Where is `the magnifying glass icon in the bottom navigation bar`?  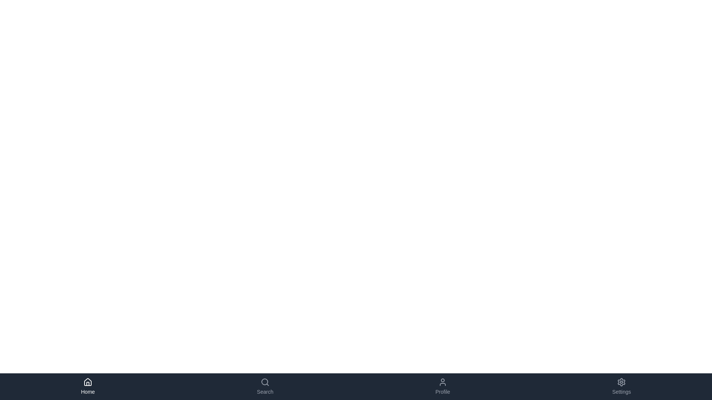 the magnifying glass icon in the bottom navigation bar is located at coordinates (265, 382).